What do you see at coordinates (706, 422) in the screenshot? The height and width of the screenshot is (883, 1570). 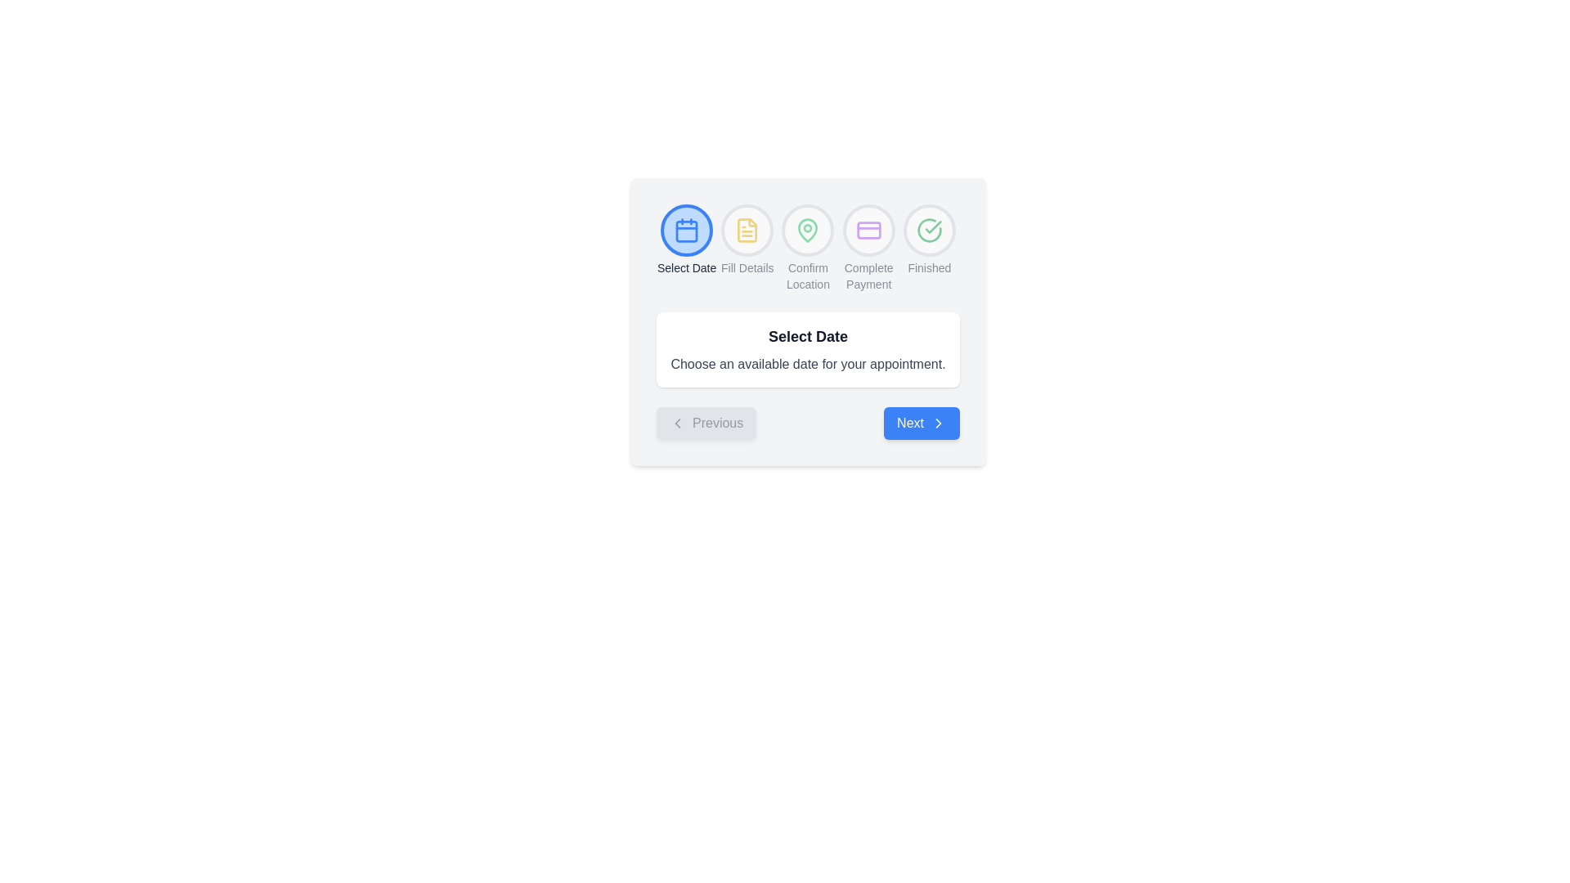 I see `the 'Previous' navigation button located in the lower left area of the visible card` at bounding box center [706, 422].